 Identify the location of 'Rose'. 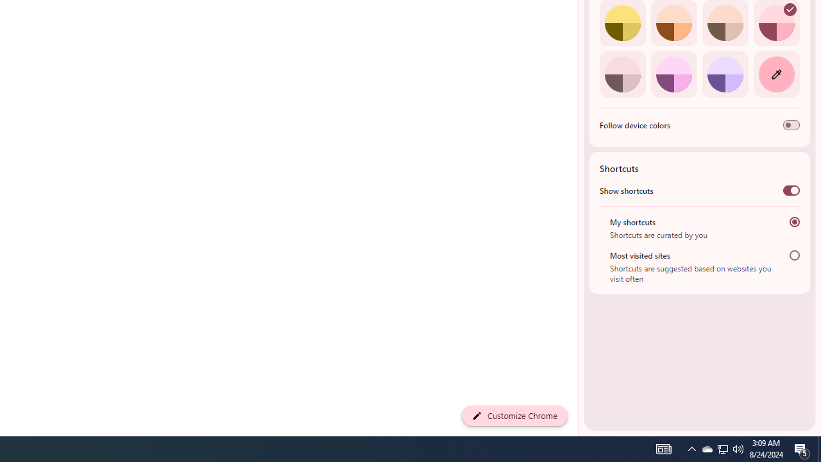
(775, 23).